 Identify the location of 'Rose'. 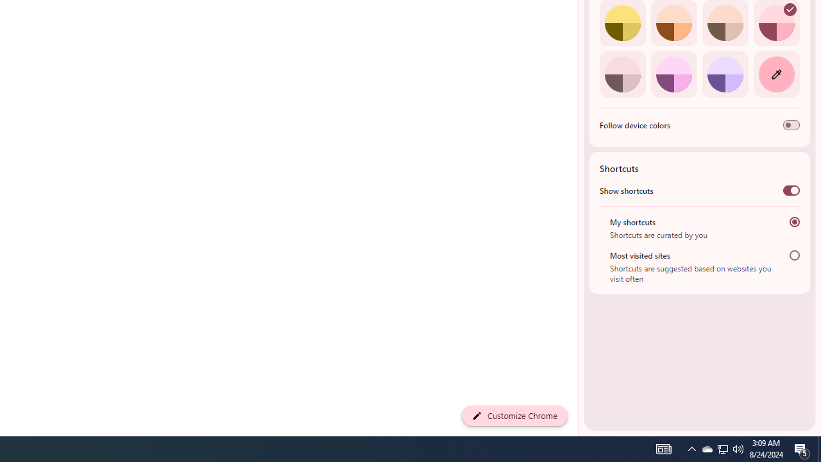
(775, 23).